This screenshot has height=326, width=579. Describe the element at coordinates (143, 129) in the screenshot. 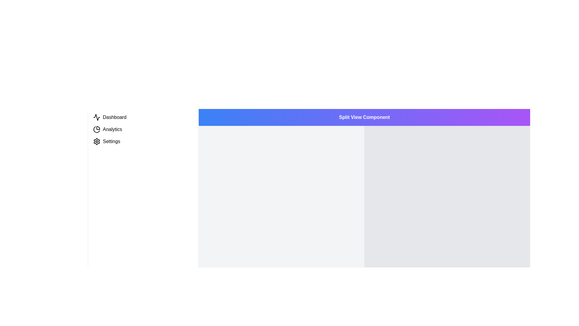

I see `the 'Analytics' item in the Navigation menu` at that location.